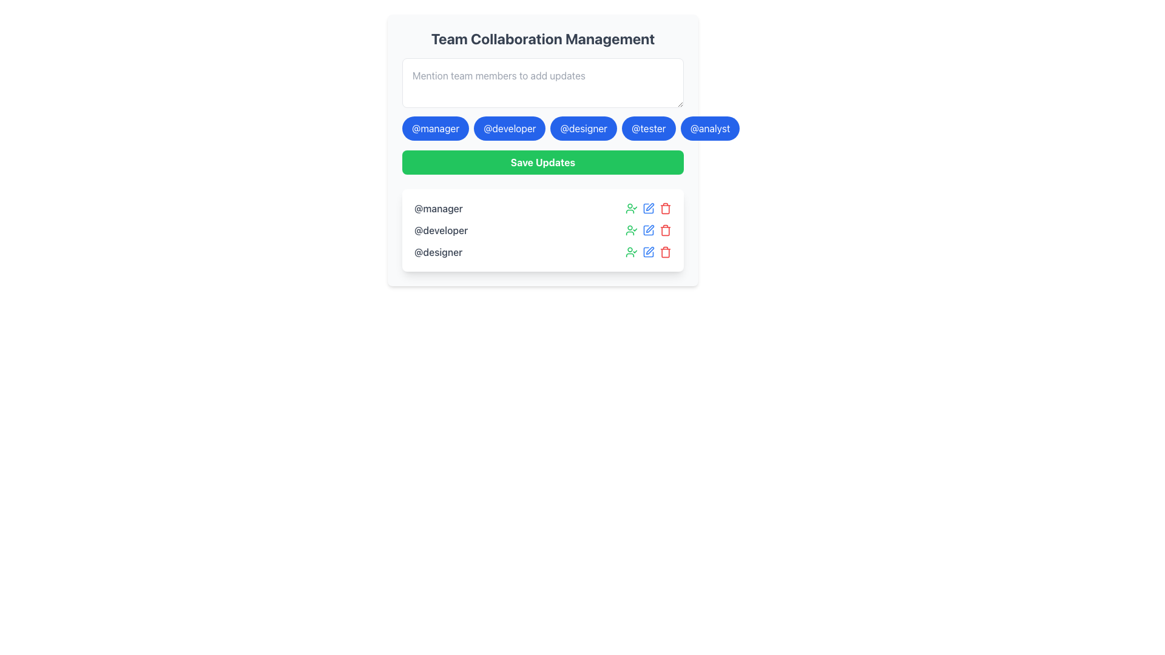 Image resolution: width=1165 pixels, height=655 pixels. Describe the element at coordinates (665, 207) in the screenshot. I see `the delete icon button located in the lower-right corner of the action icon group for the row labeled '@designer'` at that location.